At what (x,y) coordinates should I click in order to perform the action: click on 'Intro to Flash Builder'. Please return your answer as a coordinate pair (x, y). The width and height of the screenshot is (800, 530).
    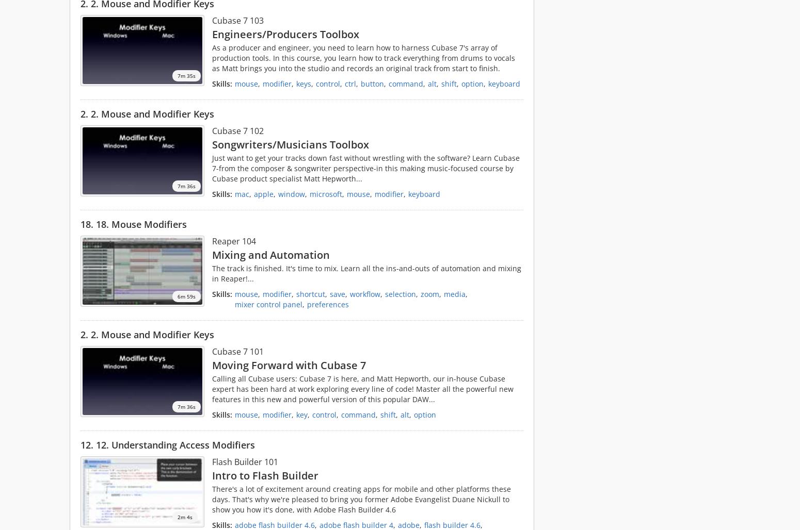
    Looking at the image, I should click on (264, 475).